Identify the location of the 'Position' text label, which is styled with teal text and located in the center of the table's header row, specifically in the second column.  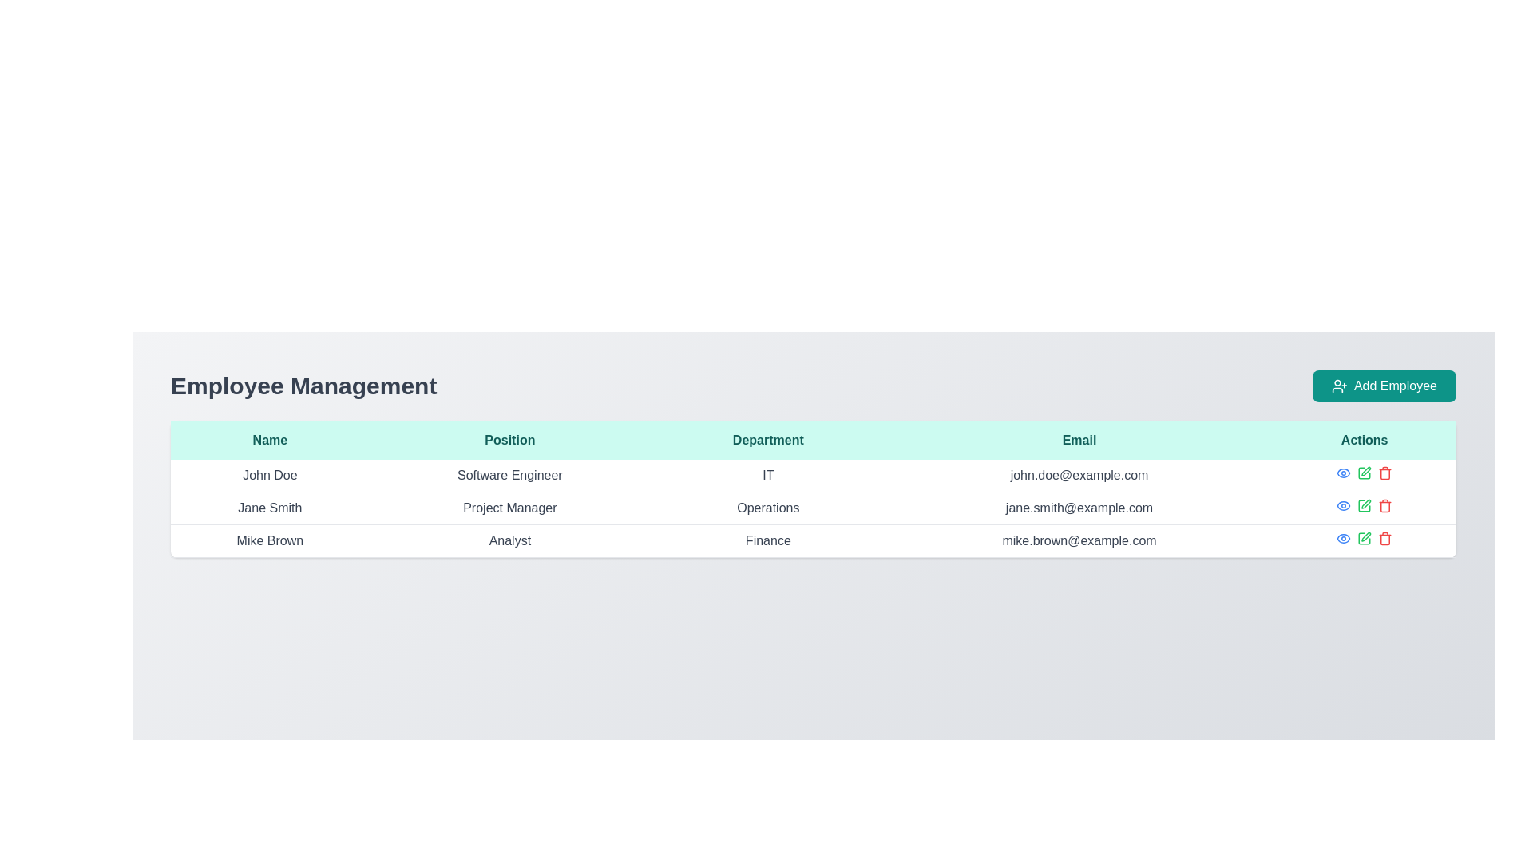
(509, 440).